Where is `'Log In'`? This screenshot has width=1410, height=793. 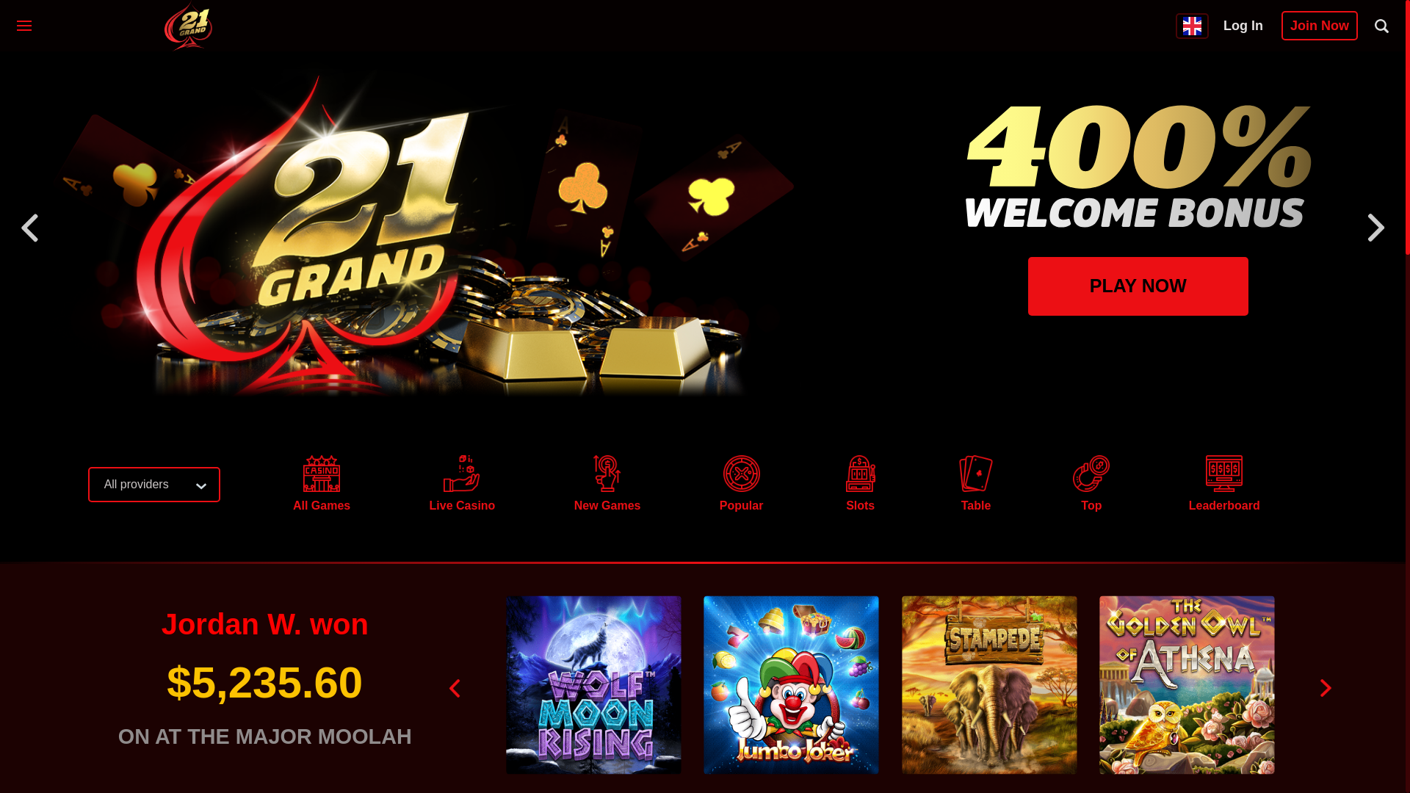
'Log In' is located at coordinates (1243, 25).